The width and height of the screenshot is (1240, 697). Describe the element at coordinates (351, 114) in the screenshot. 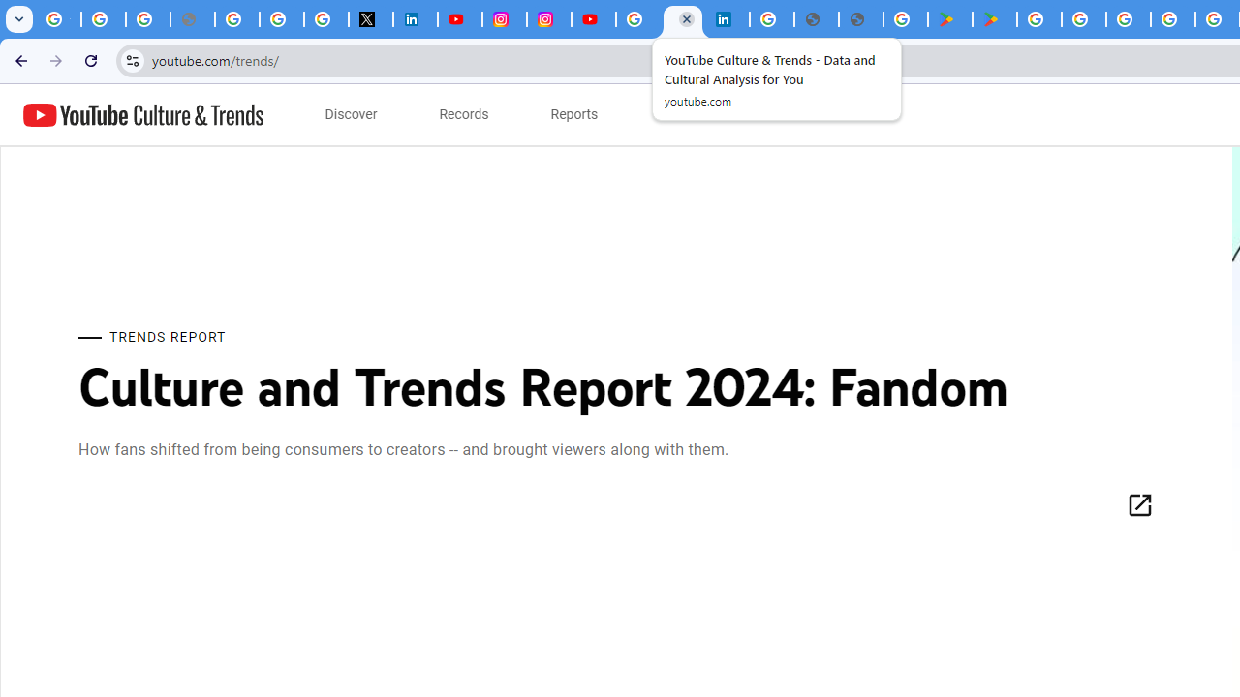

I see `'subnav-Discover menupopup'` at that location.